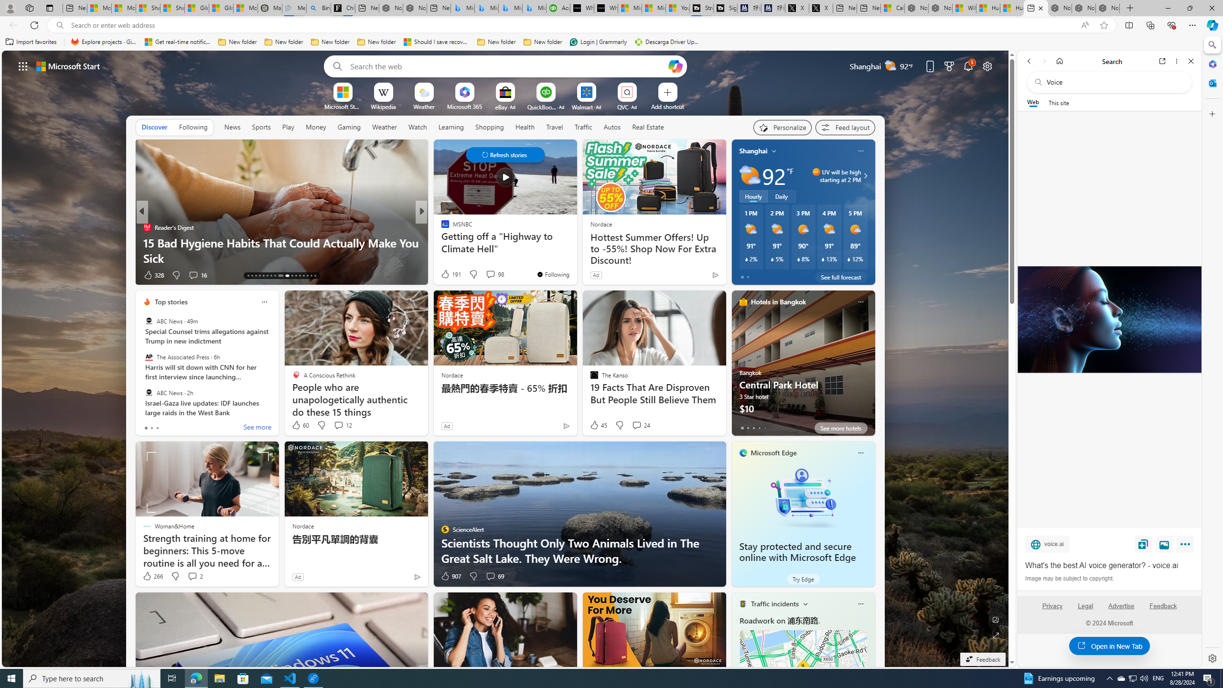 The image size is (1223, 688). I want to click on 'Real Estate', so click(648, 127).